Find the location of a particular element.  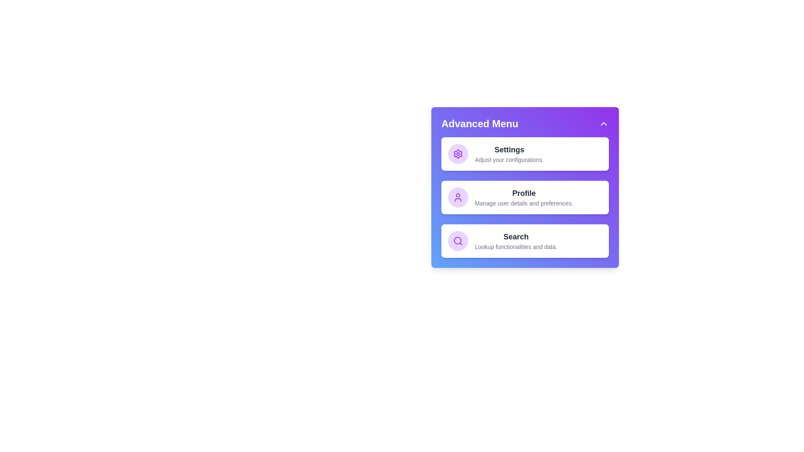

the menu option Profile to observe its hover effect is located at coordinates (524, 197).